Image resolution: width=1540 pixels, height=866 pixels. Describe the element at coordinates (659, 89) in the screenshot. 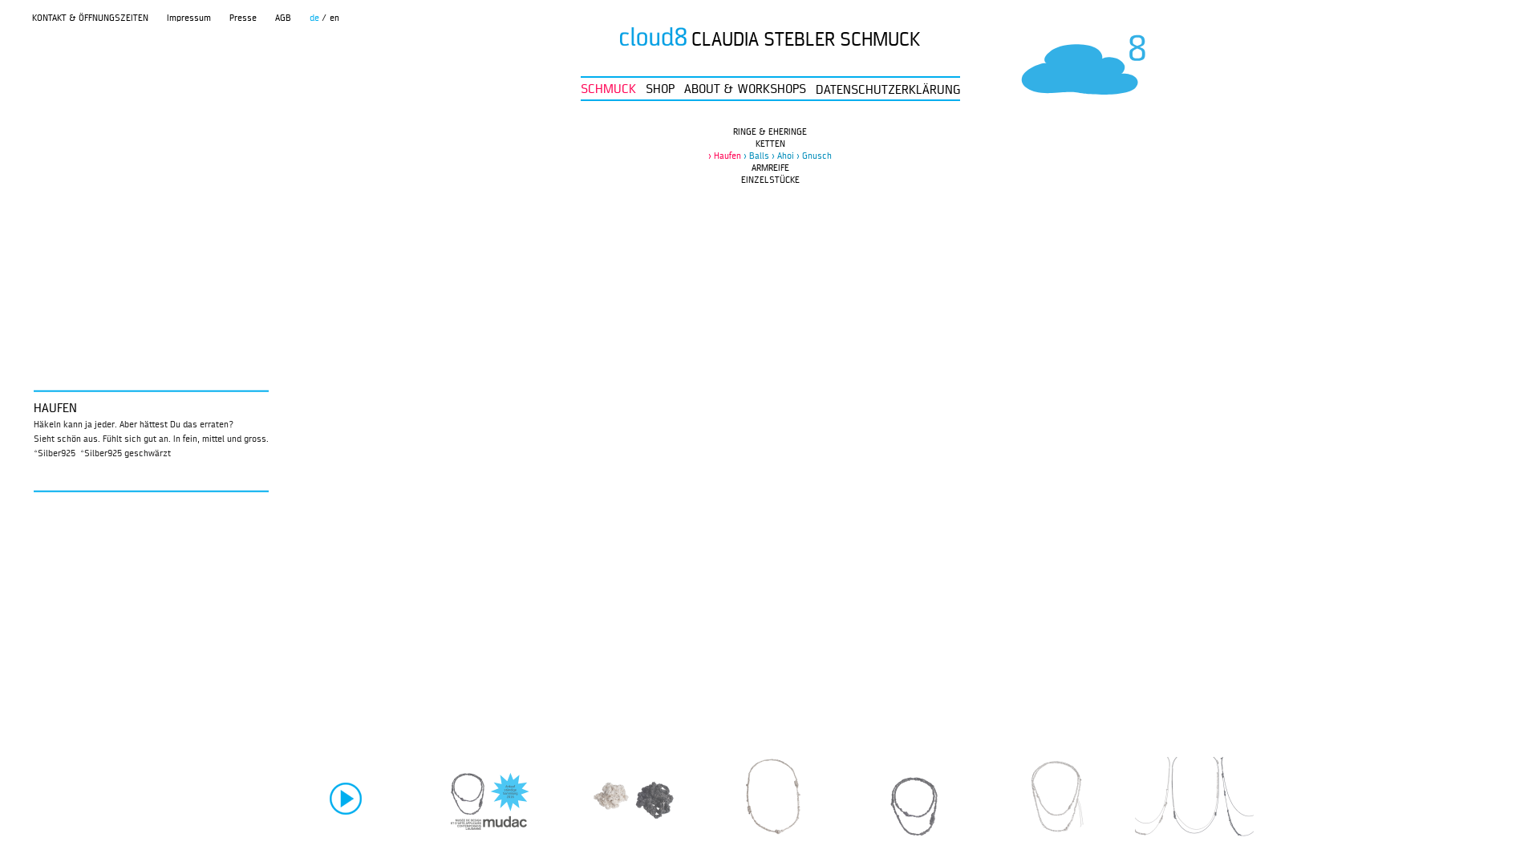

I see `'SHOP'` at that location.